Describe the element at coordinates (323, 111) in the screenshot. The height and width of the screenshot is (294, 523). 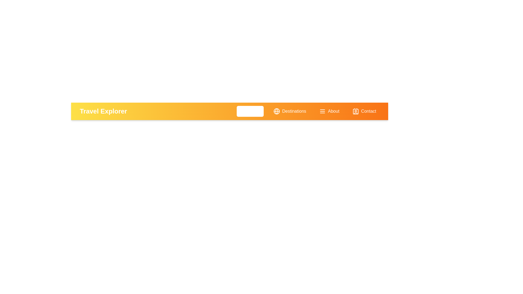
I see `the three-line 'menu' icon in the 'About' section of the navigation bar` at that location.